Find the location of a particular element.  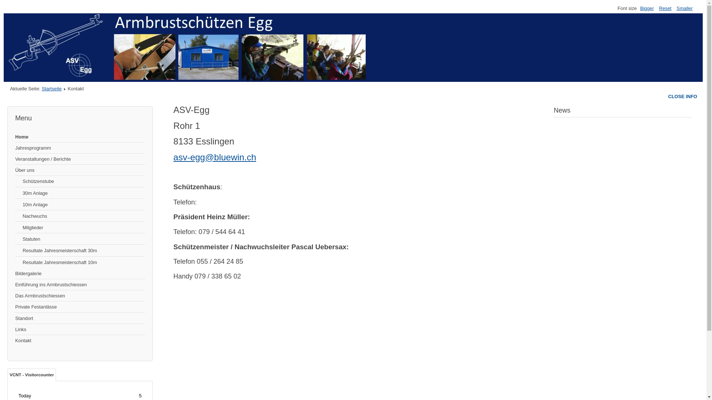

'Jahresprogramm' is located at coordinates (80, 148).